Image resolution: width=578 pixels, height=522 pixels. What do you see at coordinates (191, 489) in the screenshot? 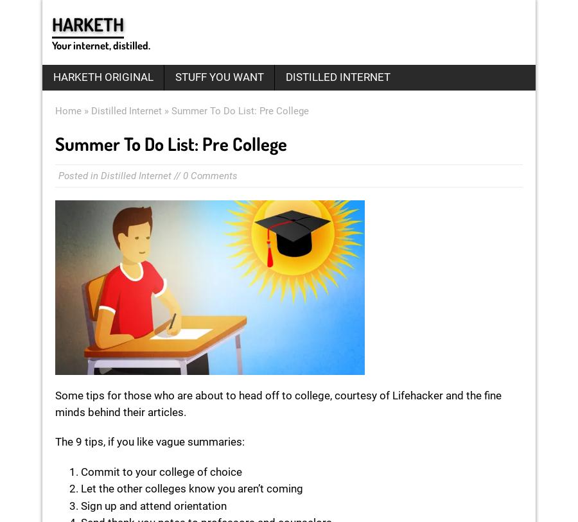
I see `'Let the other colleges know you aren’t coming'` at bounding box center [191, 489].